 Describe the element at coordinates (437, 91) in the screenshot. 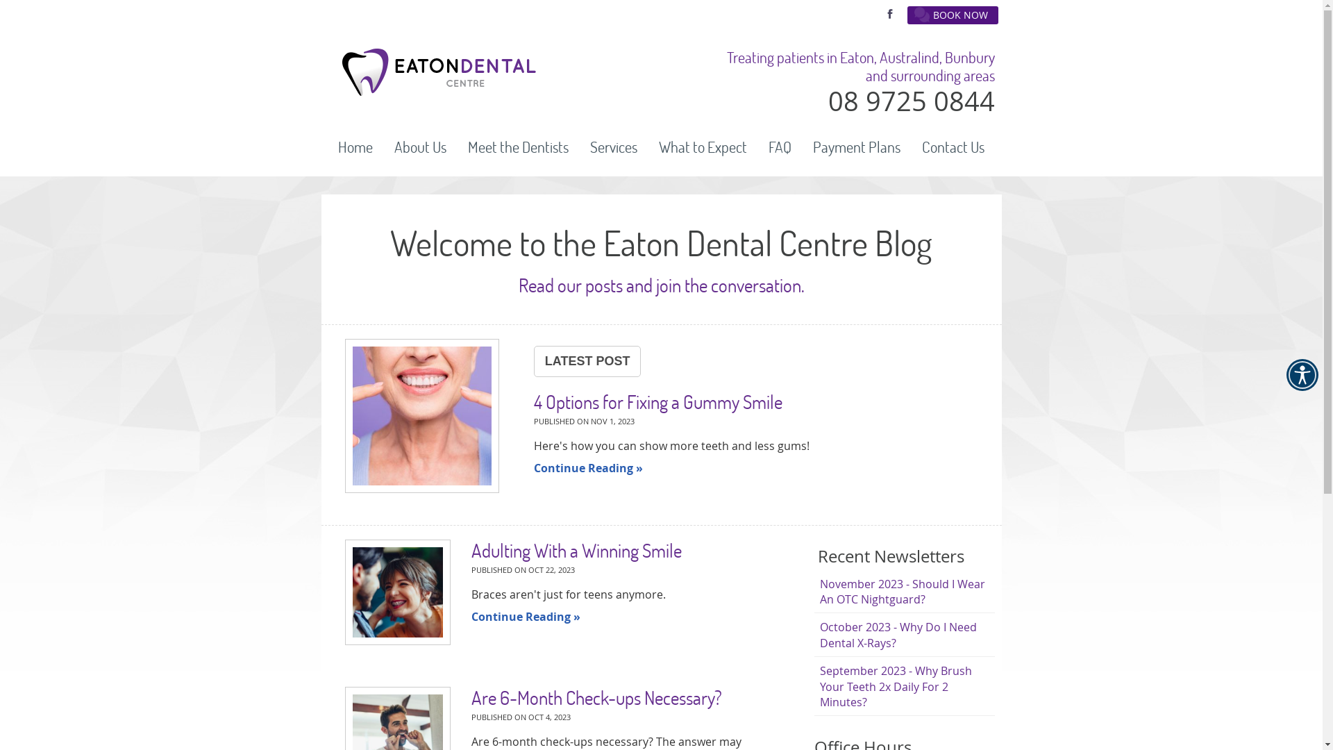

I see `'Eaton Dental Centre'` at that location.